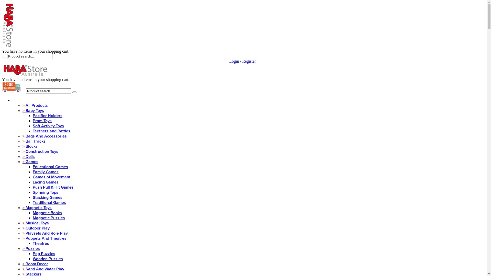  I want to click on '> Baby Toys', so click(33, 110).